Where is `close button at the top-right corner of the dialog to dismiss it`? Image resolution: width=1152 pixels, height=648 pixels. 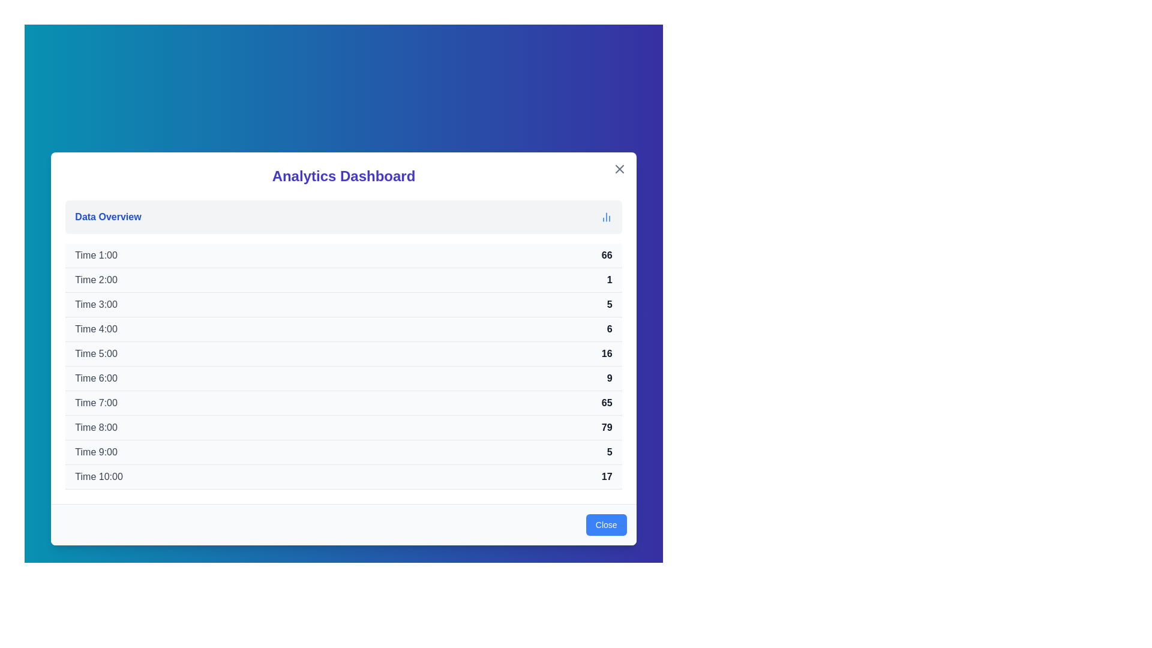 close button at the top-right corner of the dialog to dismiss it is located at coordinates (619, 169).